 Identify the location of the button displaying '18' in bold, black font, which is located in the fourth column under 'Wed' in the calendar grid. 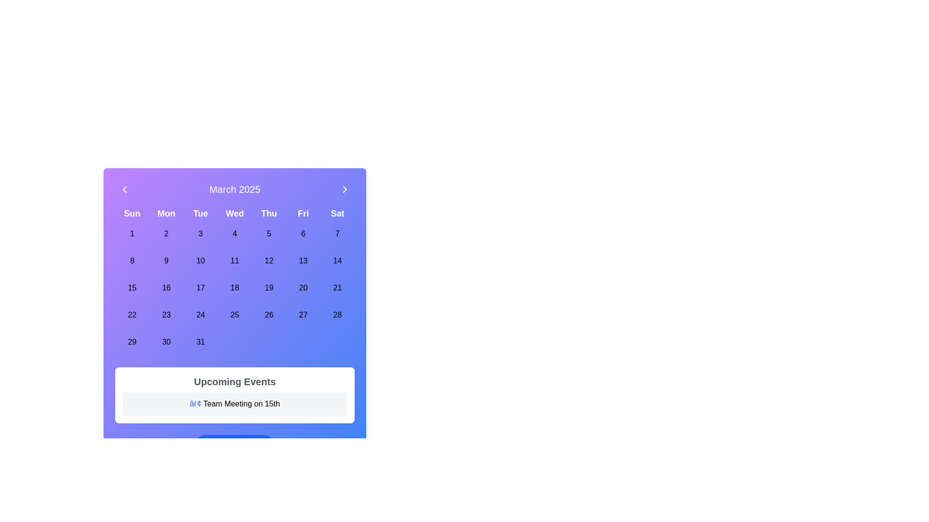
(235, 288).